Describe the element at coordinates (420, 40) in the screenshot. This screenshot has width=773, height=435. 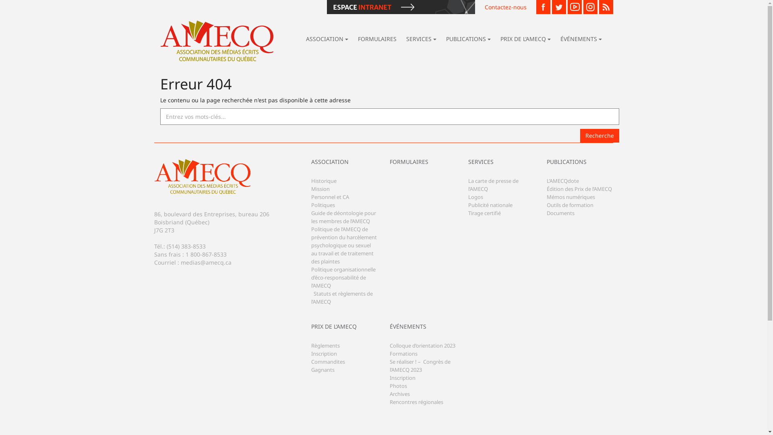
I see `'SERVICES'` at that location.